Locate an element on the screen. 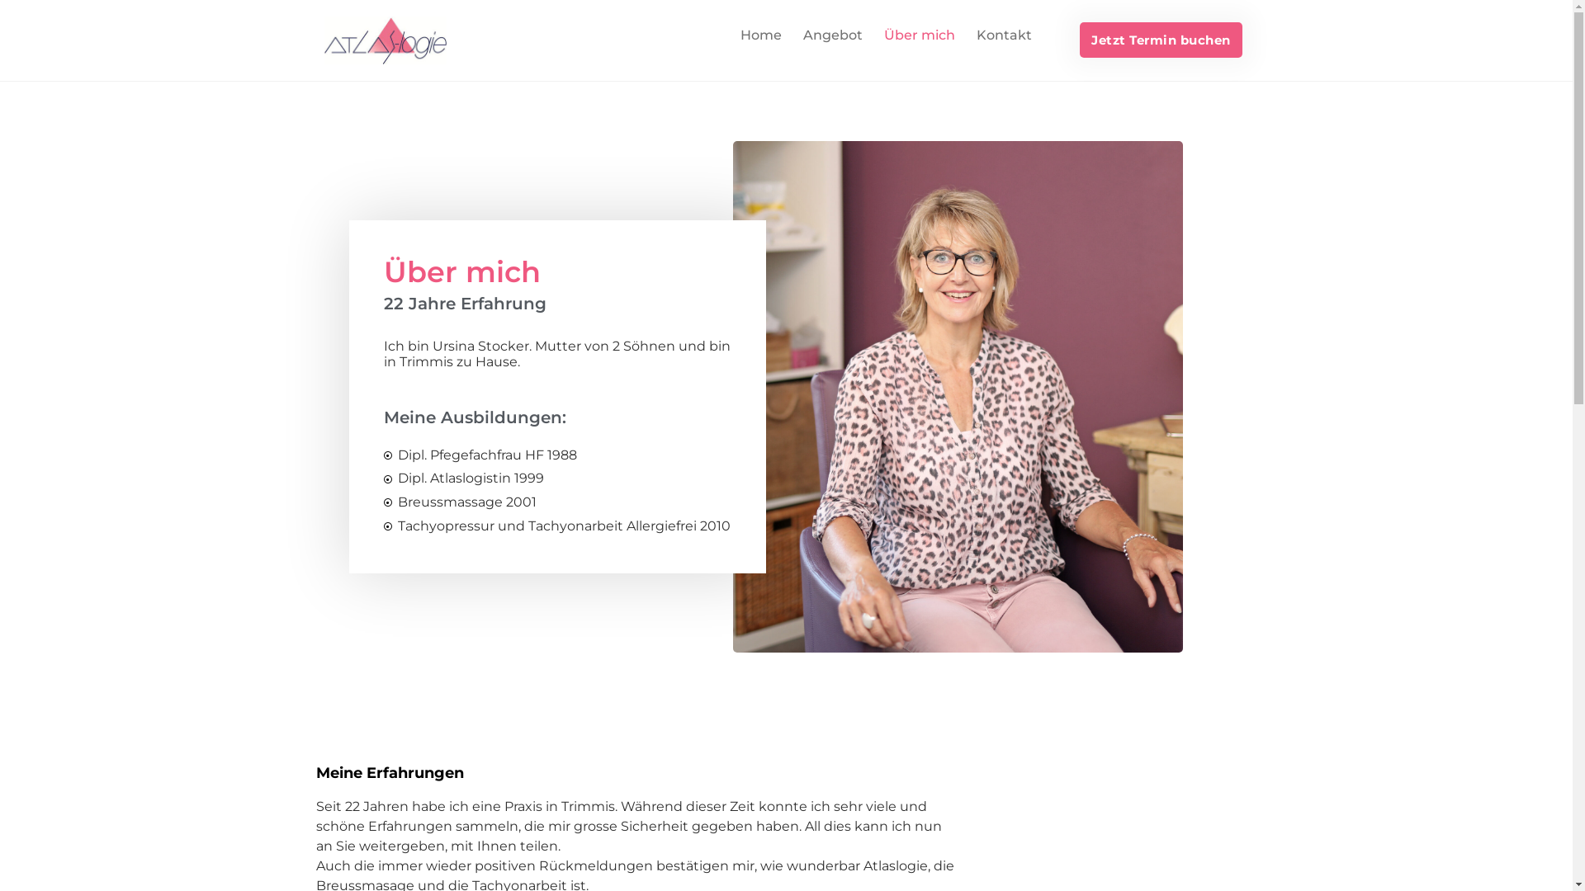  'Angebot' is located at coordinates (792, 35).